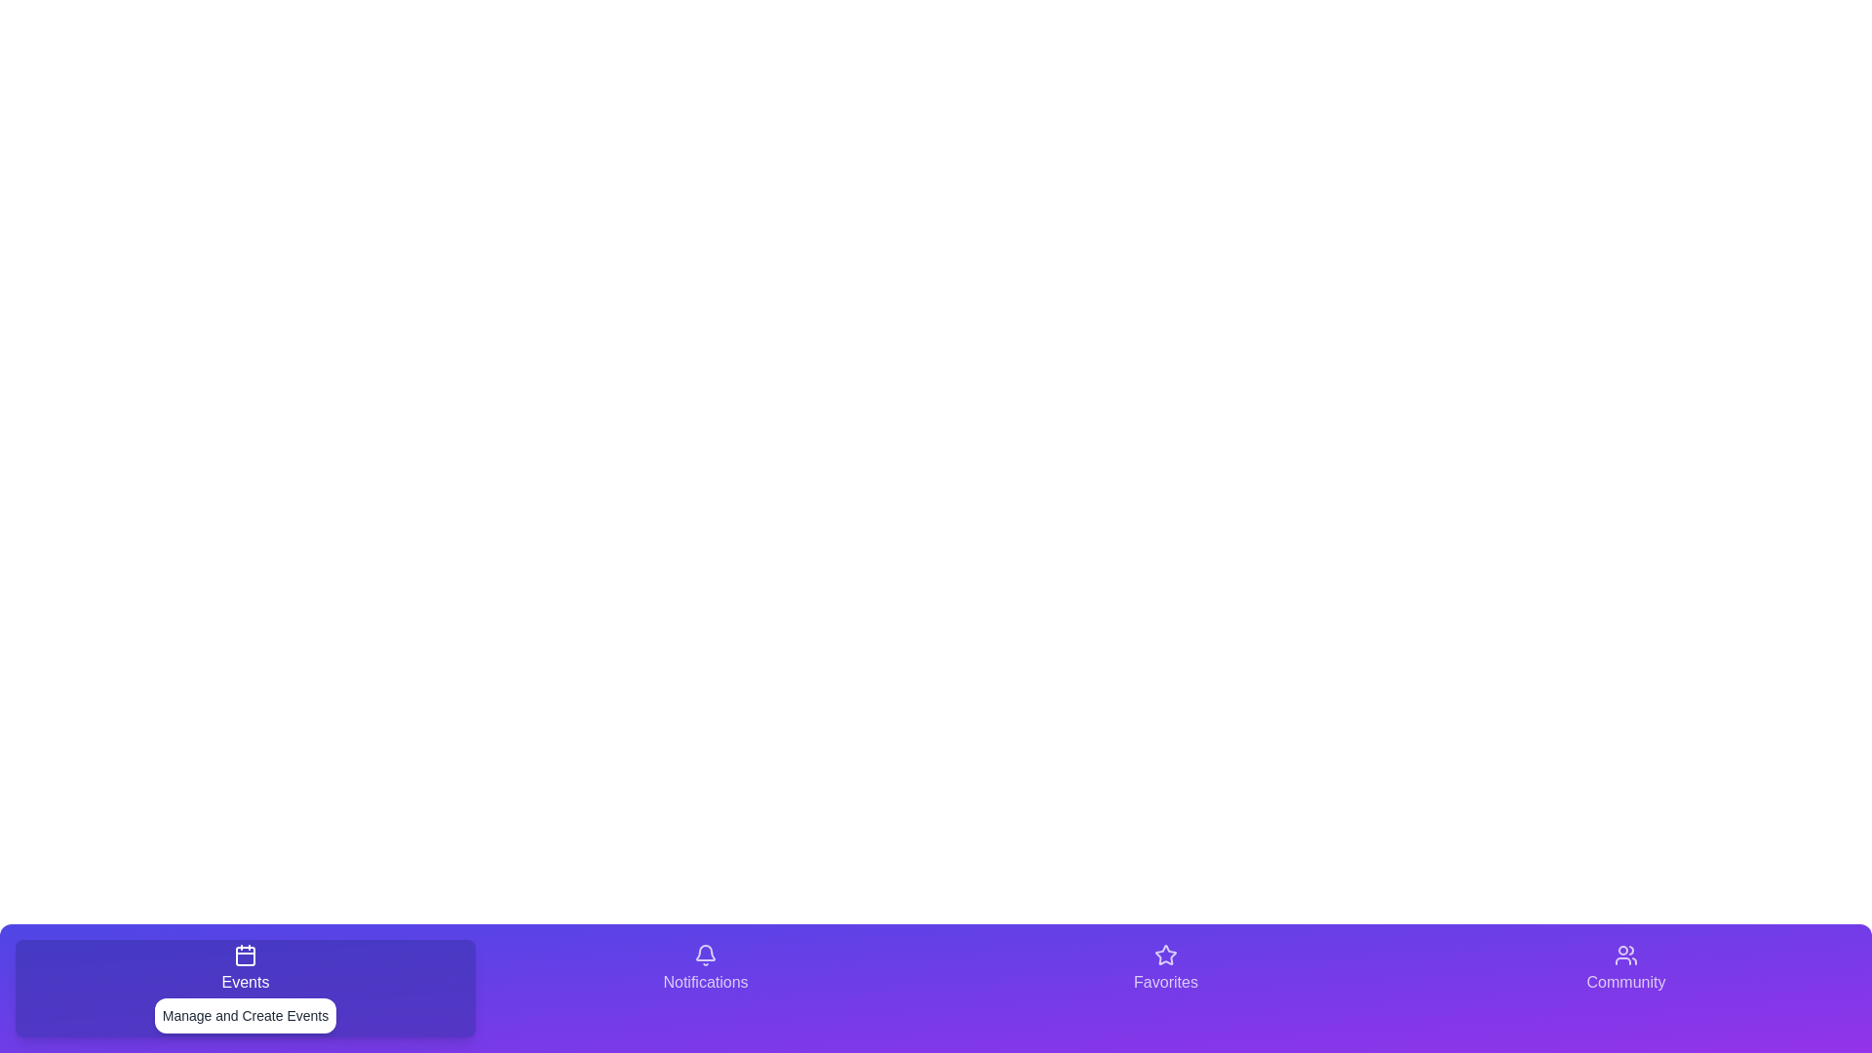 This screenshot has width=1872, height=1053. Describe the element at coordinates (1626, 989) in the screenshot. I see `the tab corresponding to Community` at that location.